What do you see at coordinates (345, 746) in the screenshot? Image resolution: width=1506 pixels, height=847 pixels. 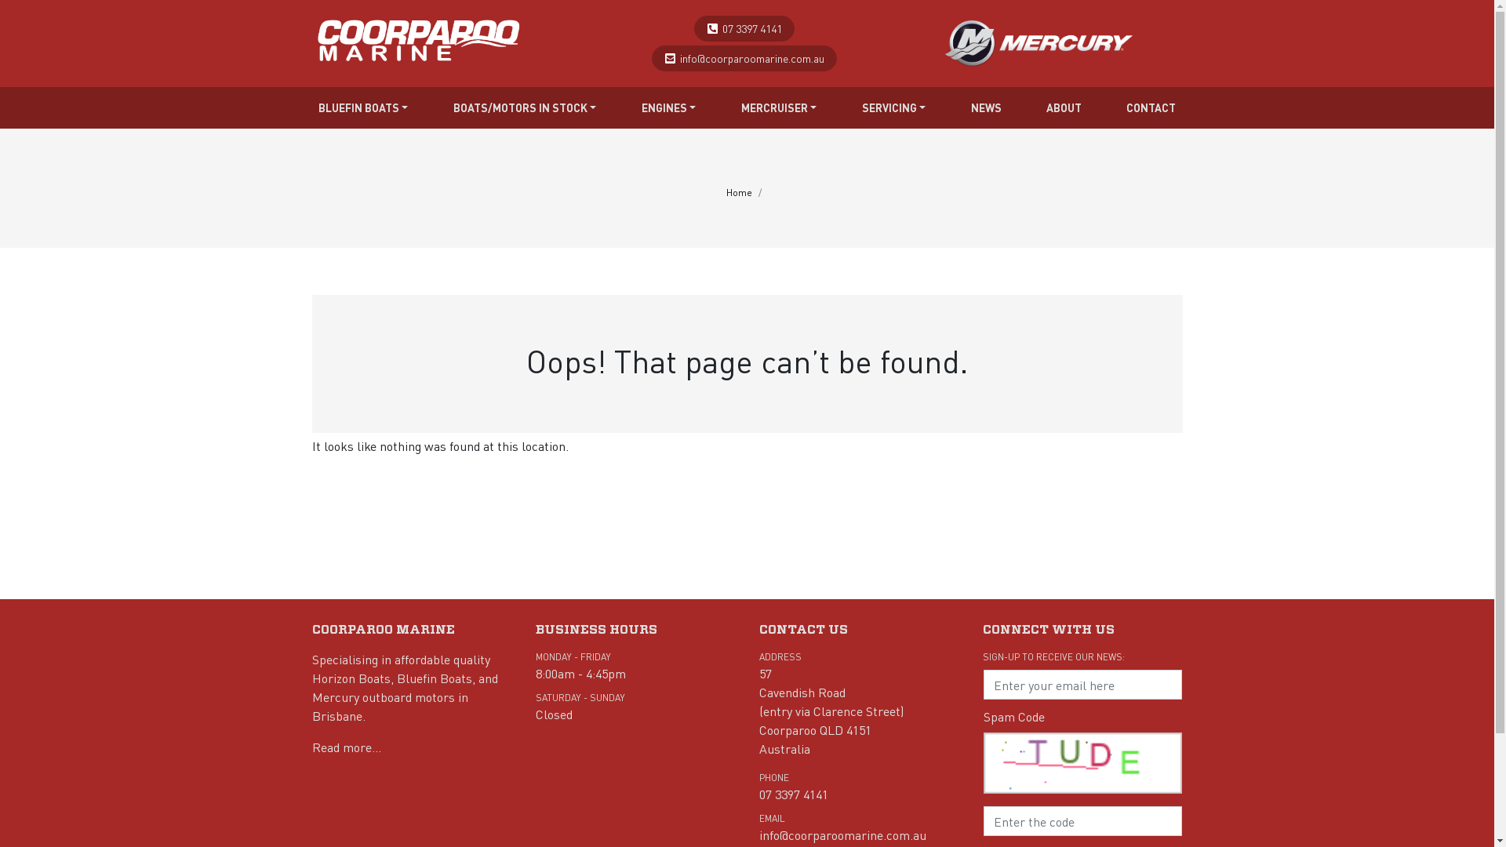 I see `'Read more...'` at bounding box center [345, 746].